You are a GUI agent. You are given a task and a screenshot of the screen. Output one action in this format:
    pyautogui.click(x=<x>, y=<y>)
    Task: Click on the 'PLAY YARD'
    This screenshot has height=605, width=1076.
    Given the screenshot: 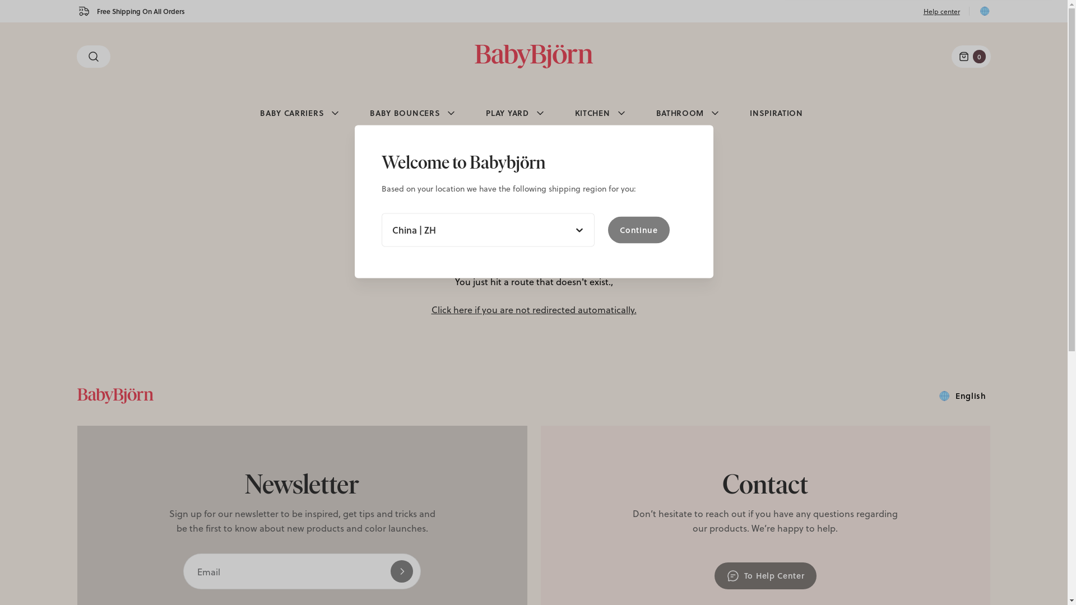 What is the action you would take?
    pyautogui.click(x=516, y=113)
    